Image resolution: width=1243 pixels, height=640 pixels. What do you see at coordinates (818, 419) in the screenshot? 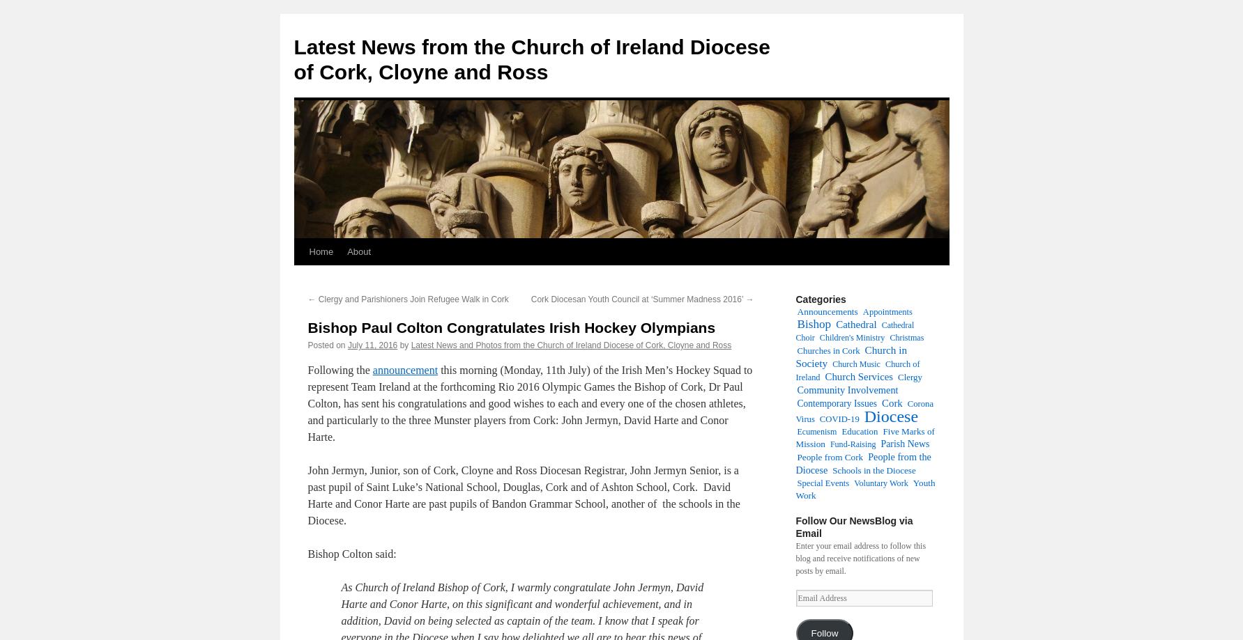
I see `'COVID-19'` at bounding box center [818, 419].